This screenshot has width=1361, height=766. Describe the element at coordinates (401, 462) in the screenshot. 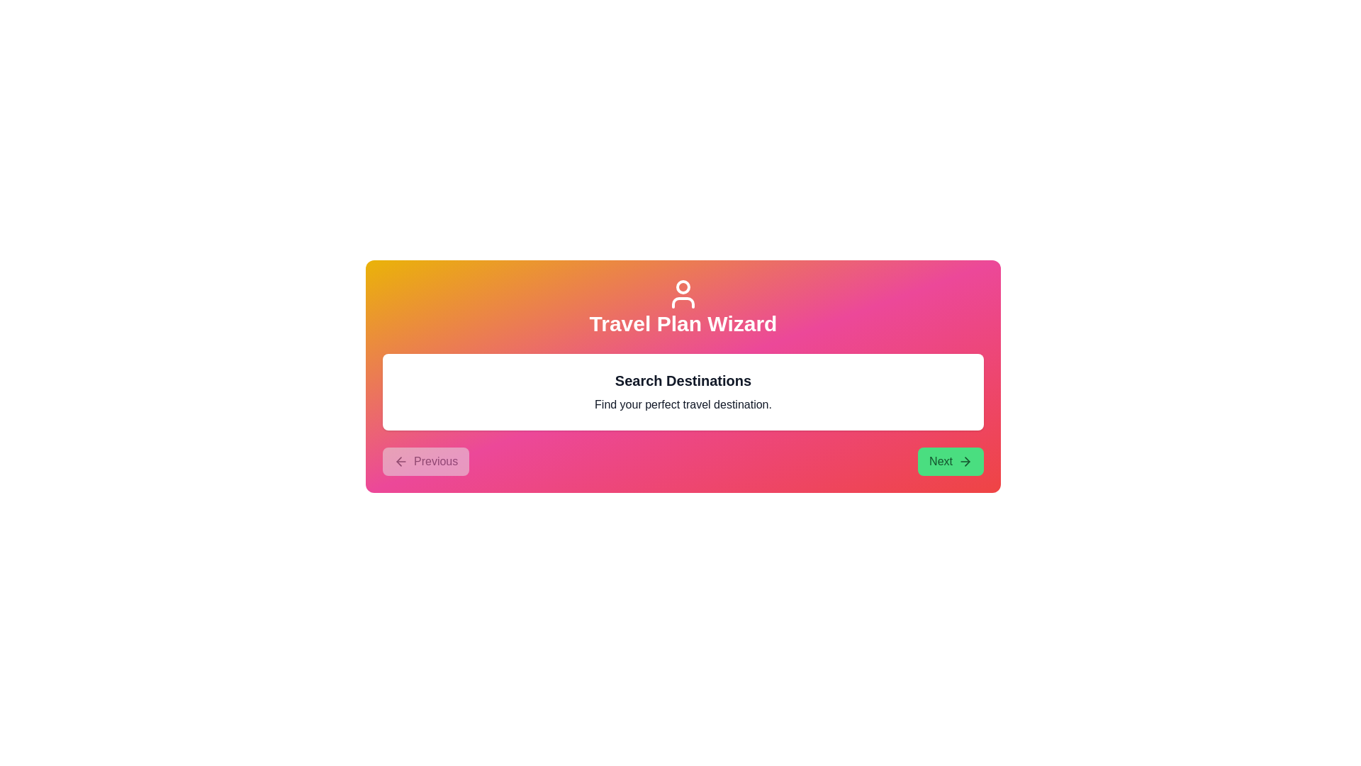

I see `the left-pointing arrow icon inside the 'Previous' button with a muted pink background` at that location.